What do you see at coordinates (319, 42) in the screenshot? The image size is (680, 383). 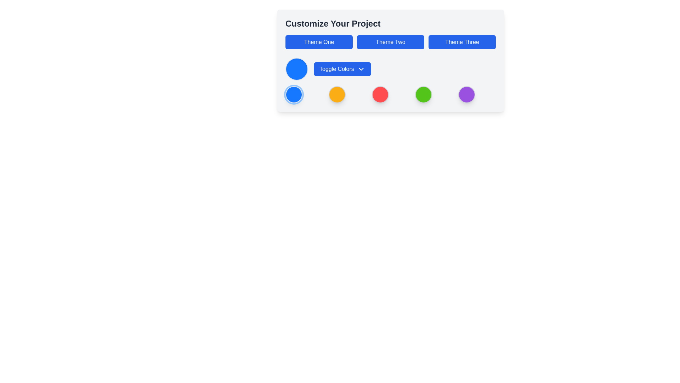 I see `the 'Theme One' button, a rectangular button with rounded corners and a blue background` at bounding box center [319, 42].